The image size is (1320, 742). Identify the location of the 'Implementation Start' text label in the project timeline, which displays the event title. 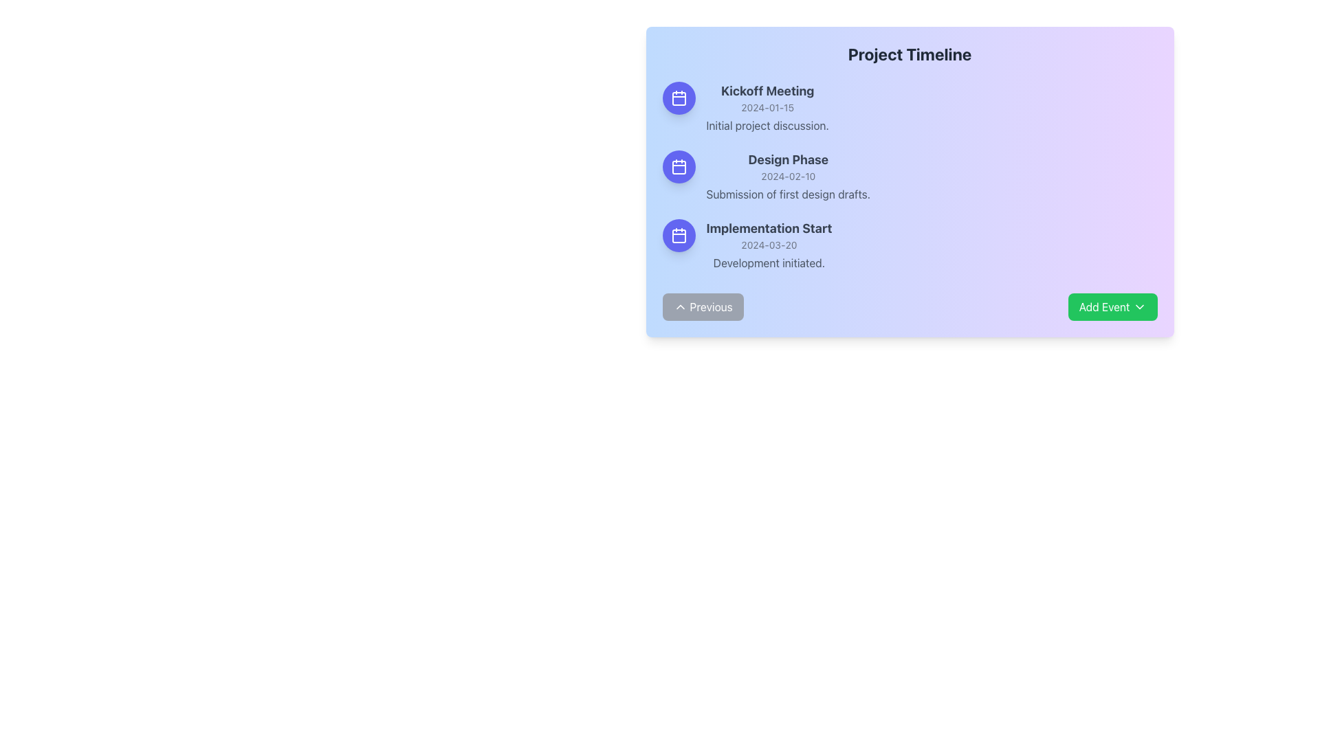
(768, 227).